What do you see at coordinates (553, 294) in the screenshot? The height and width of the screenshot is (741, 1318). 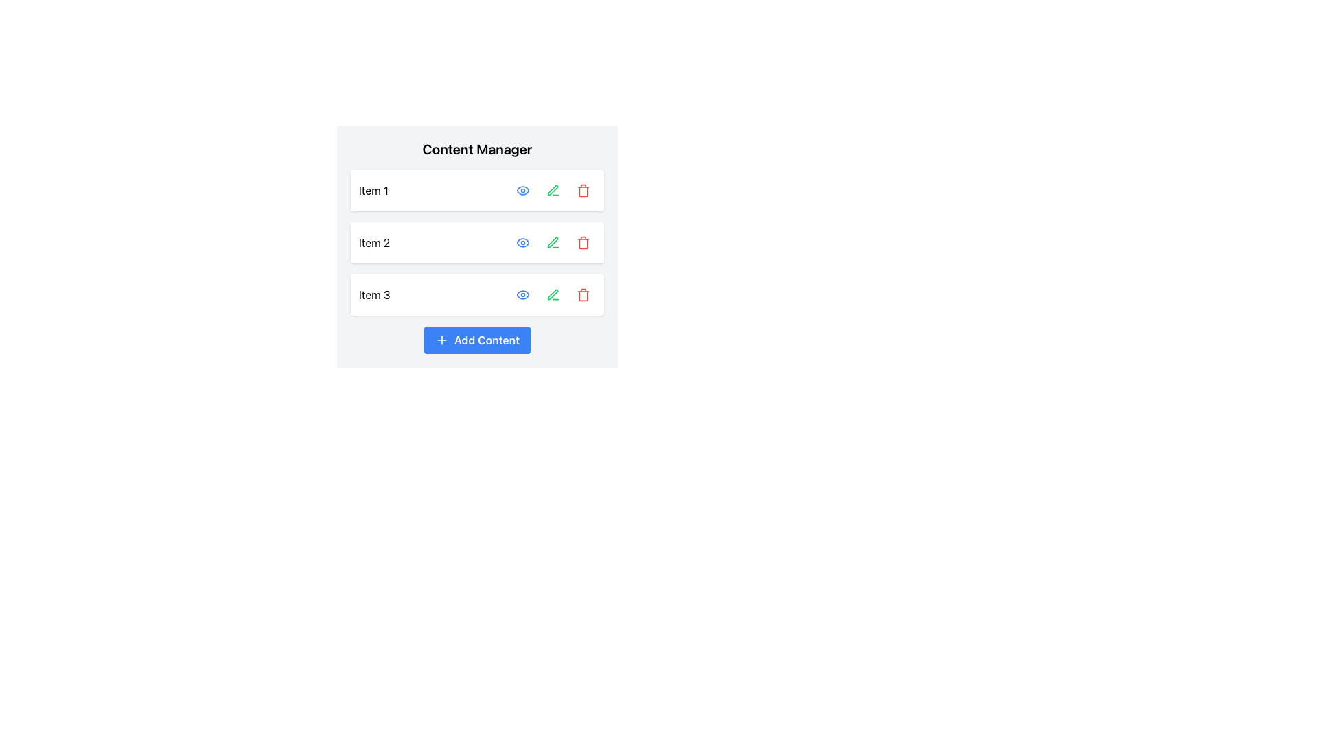 I see `the edit button icon in the third row of the vertical list of items` at bounding box center [553, 294].